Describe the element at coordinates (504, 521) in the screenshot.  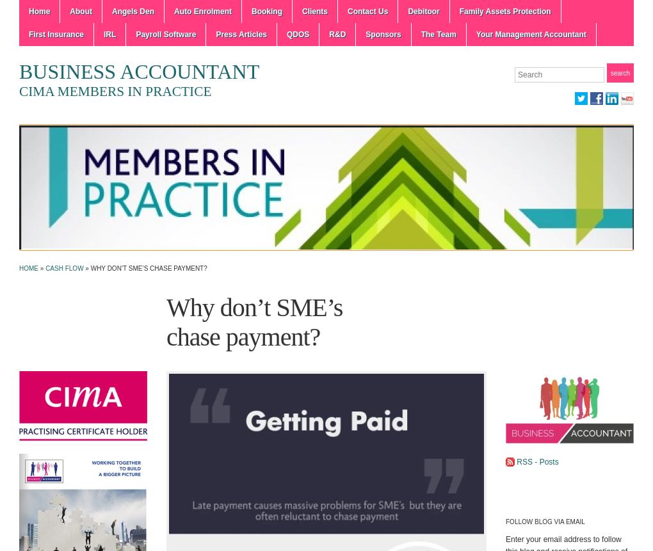
I see `'Follow Blog via Email'` at that location.